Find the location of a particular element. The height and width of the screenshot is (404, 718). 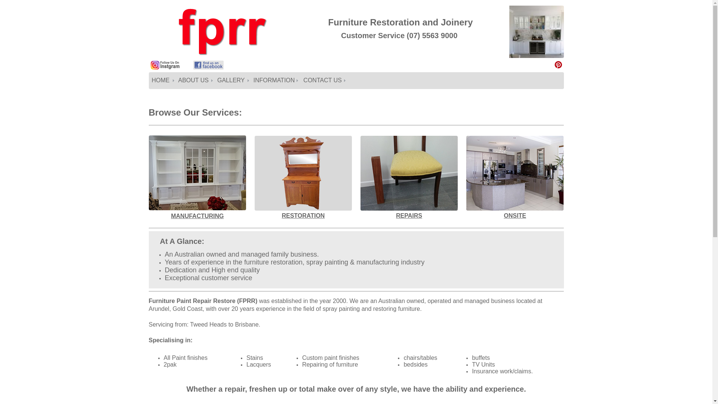

'GALLERY' is located at coordinates (232, 80).